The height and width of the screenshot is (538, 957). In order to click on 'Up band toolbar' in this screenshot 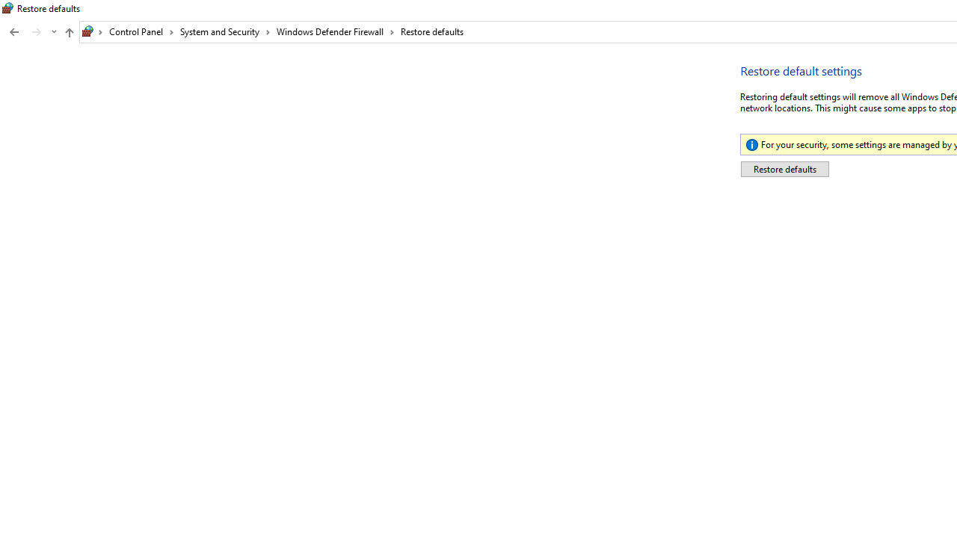, I will do `click(68, 34)`.